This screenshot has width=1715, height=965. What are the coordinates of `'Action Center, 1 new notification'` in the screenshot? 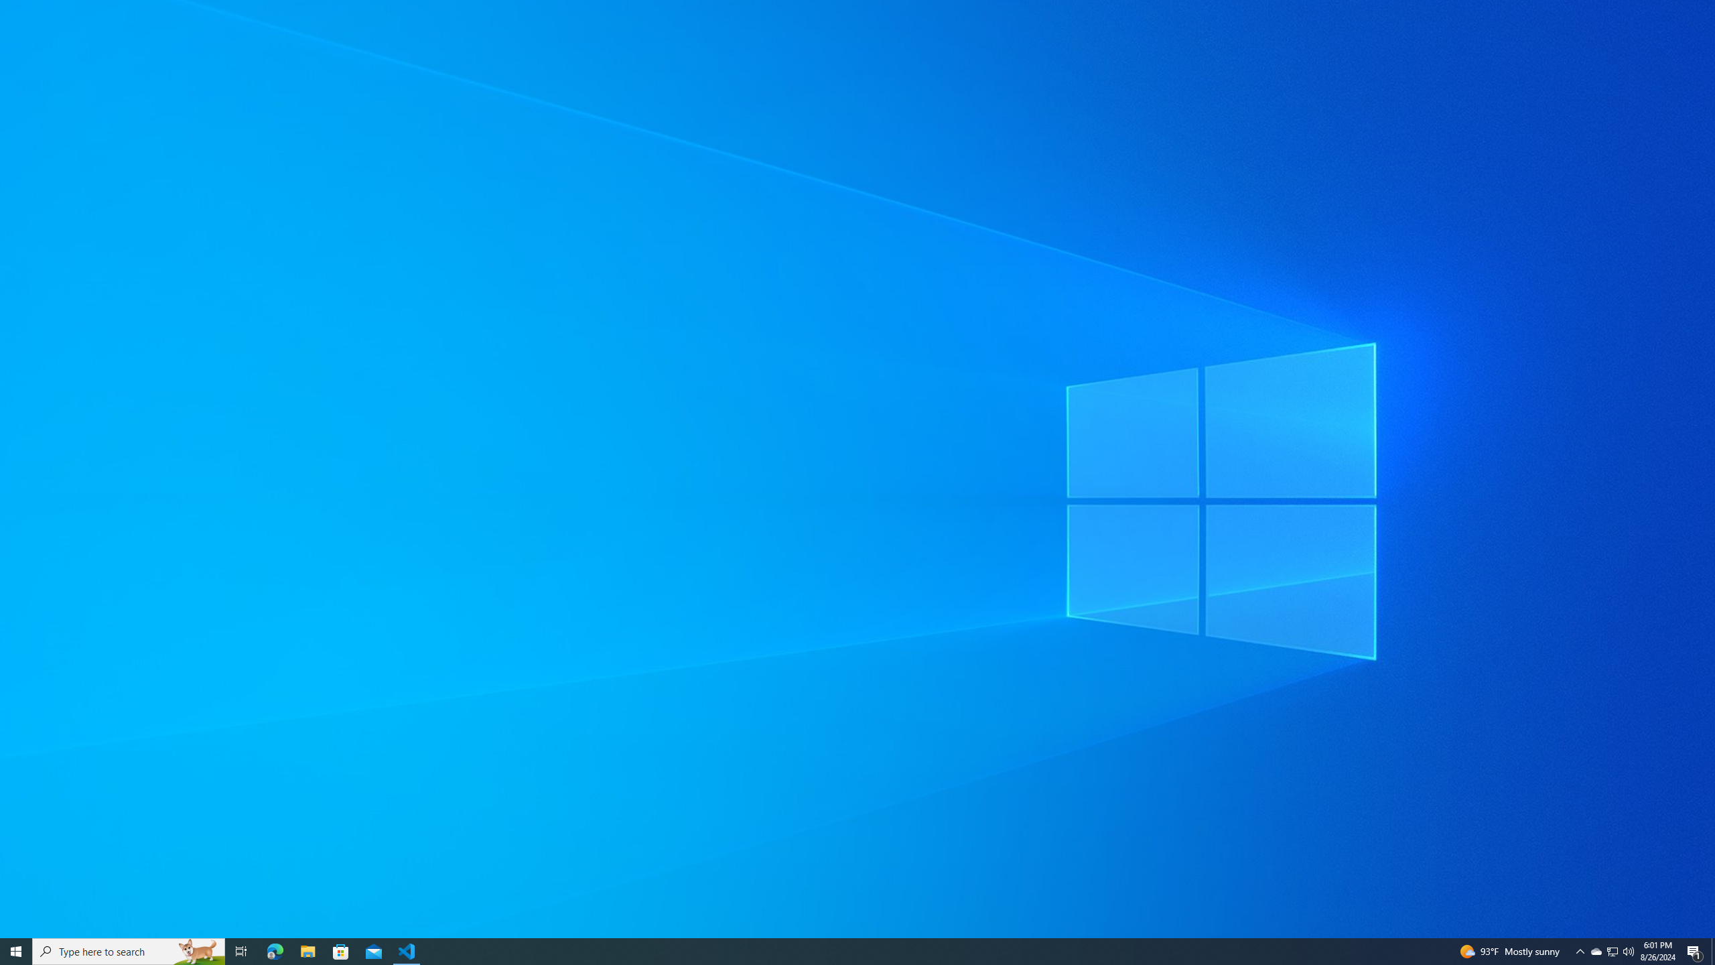 It's located at (1695, 950).